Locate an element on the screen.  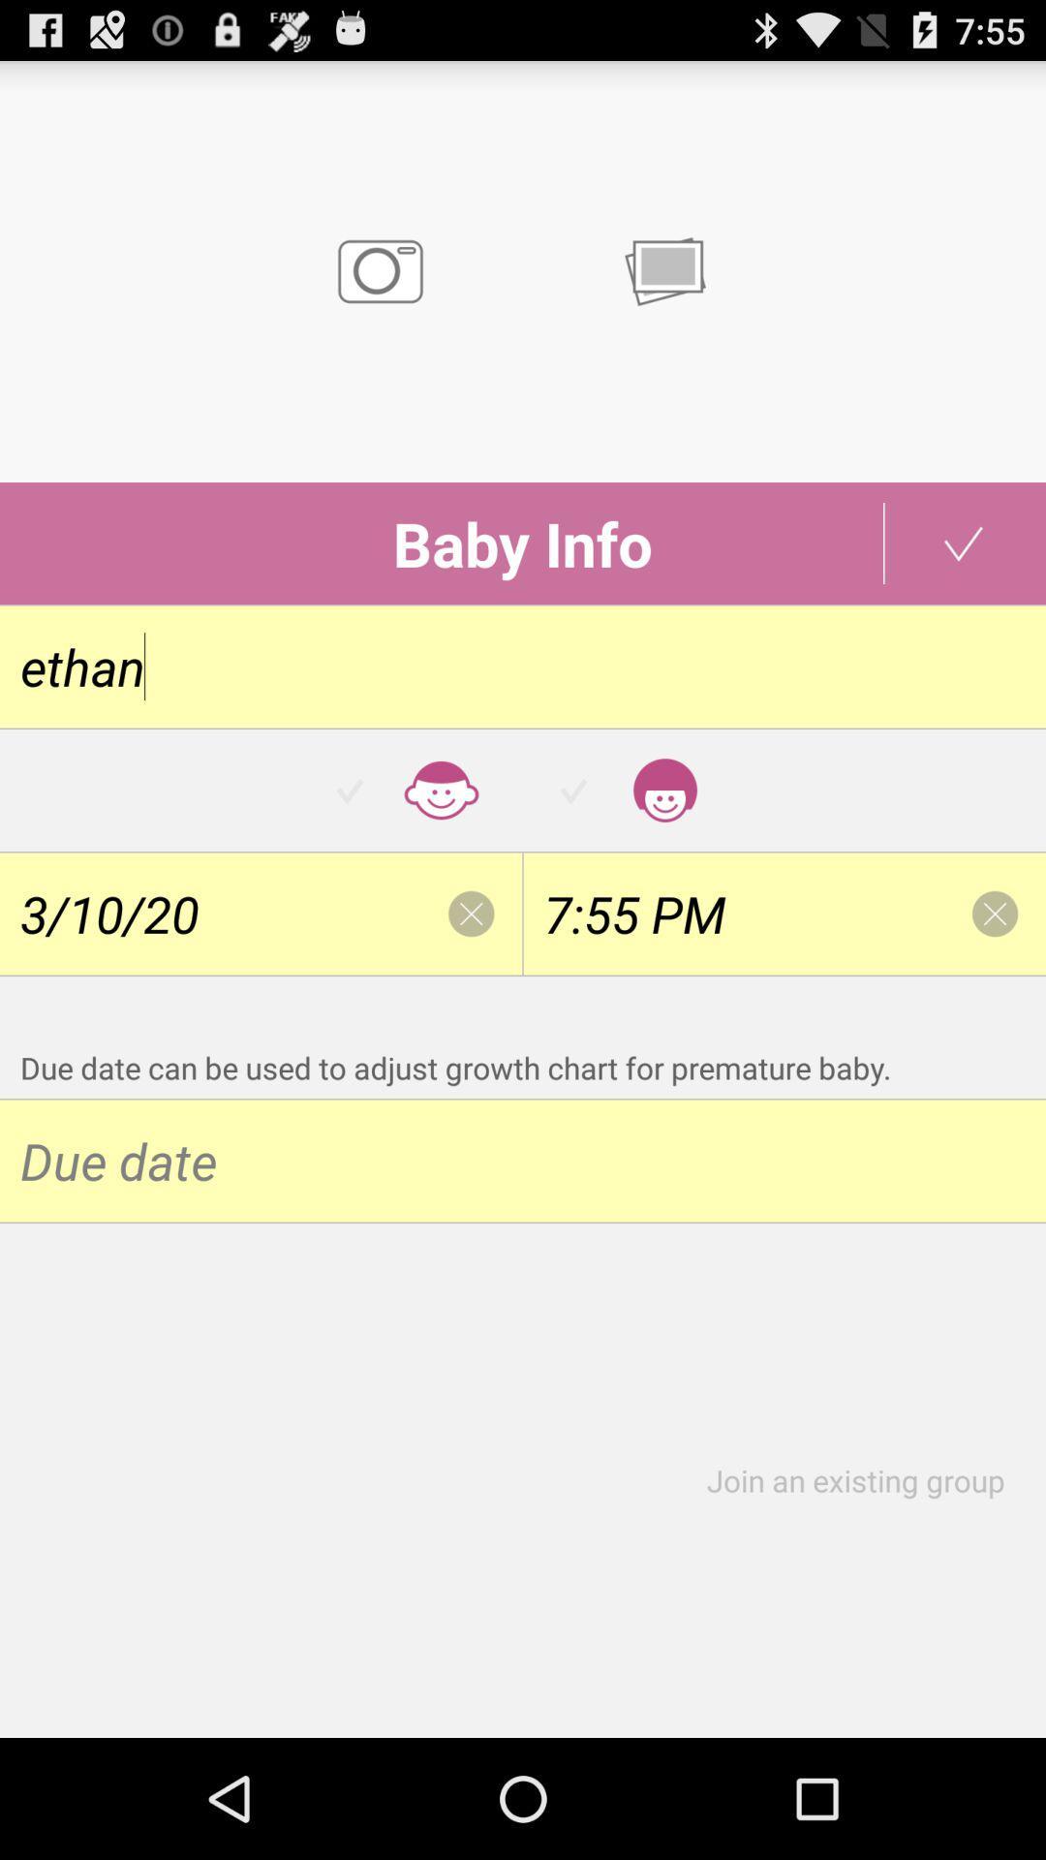
the check icon is located at coordinates (964, 580).